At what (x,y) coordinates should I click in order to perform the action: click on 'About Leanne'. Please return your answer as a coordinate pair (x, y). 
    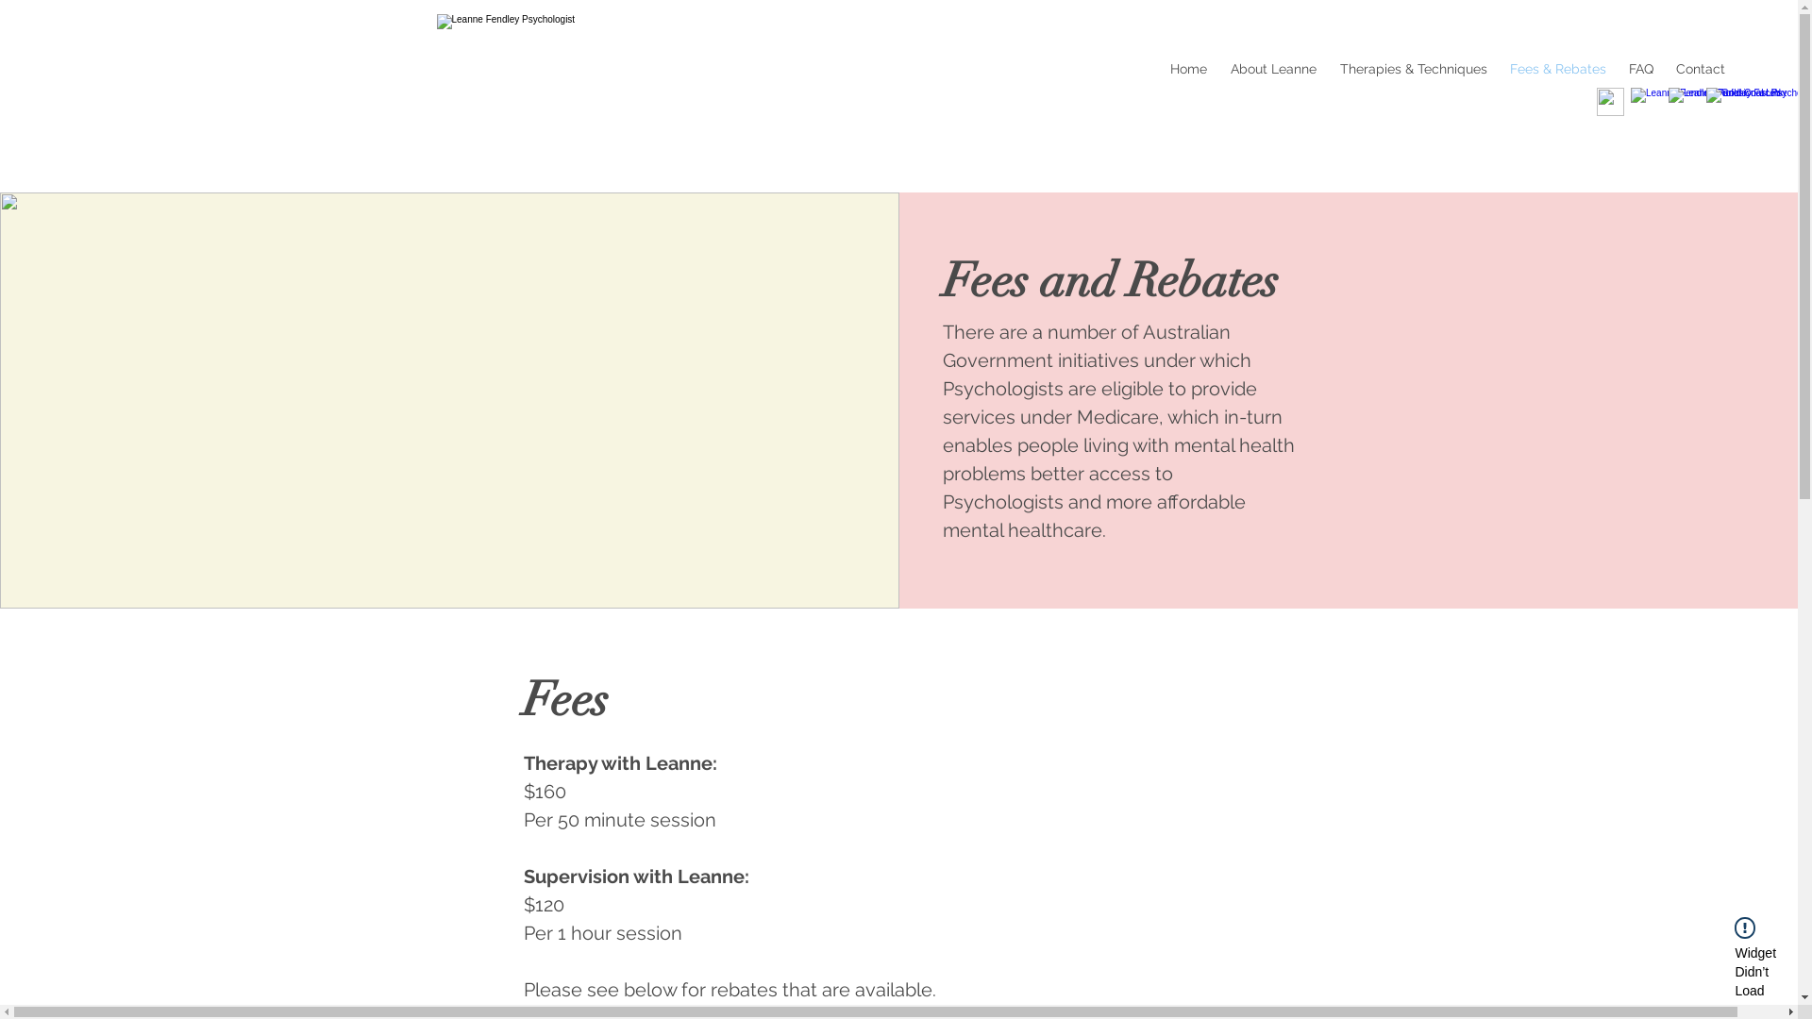
    Looking at the image, I should click on (1271, 68).